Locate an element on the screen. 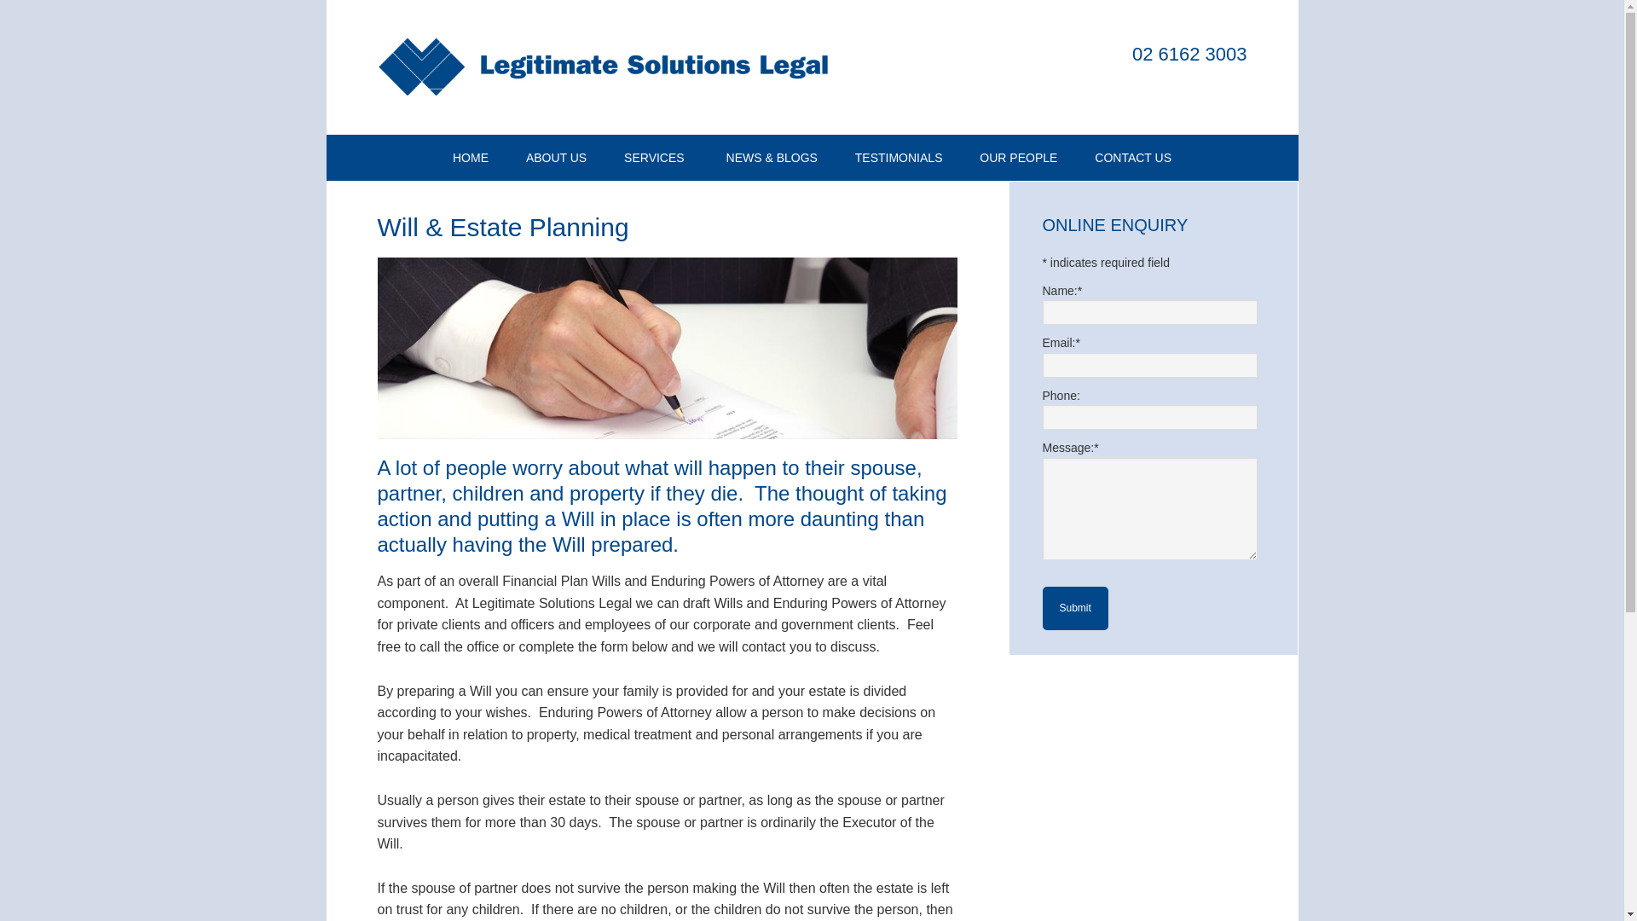 The height and width of the screenshot is (921, 1637). '02 6162 3003' is located at coordinates (1189, 53).